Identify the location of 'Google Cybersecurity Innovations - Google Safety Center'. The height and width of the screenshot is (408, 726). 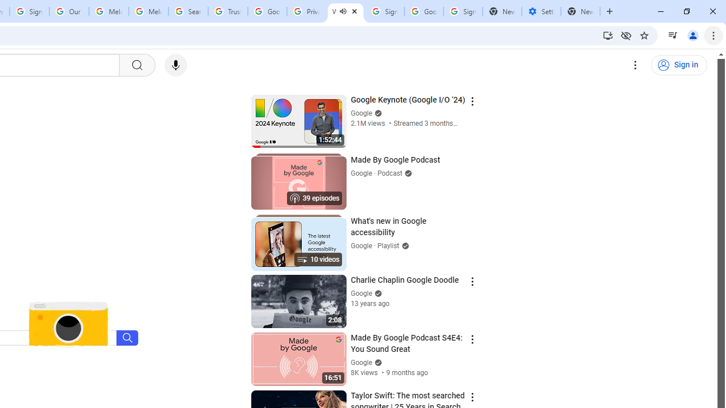
(423, 11).